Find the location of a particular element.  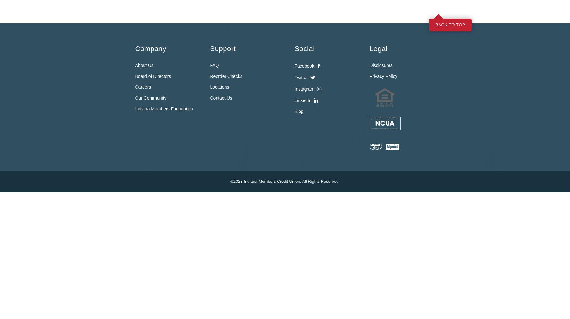

'Contact Us' is located at coordinates (220, 98).